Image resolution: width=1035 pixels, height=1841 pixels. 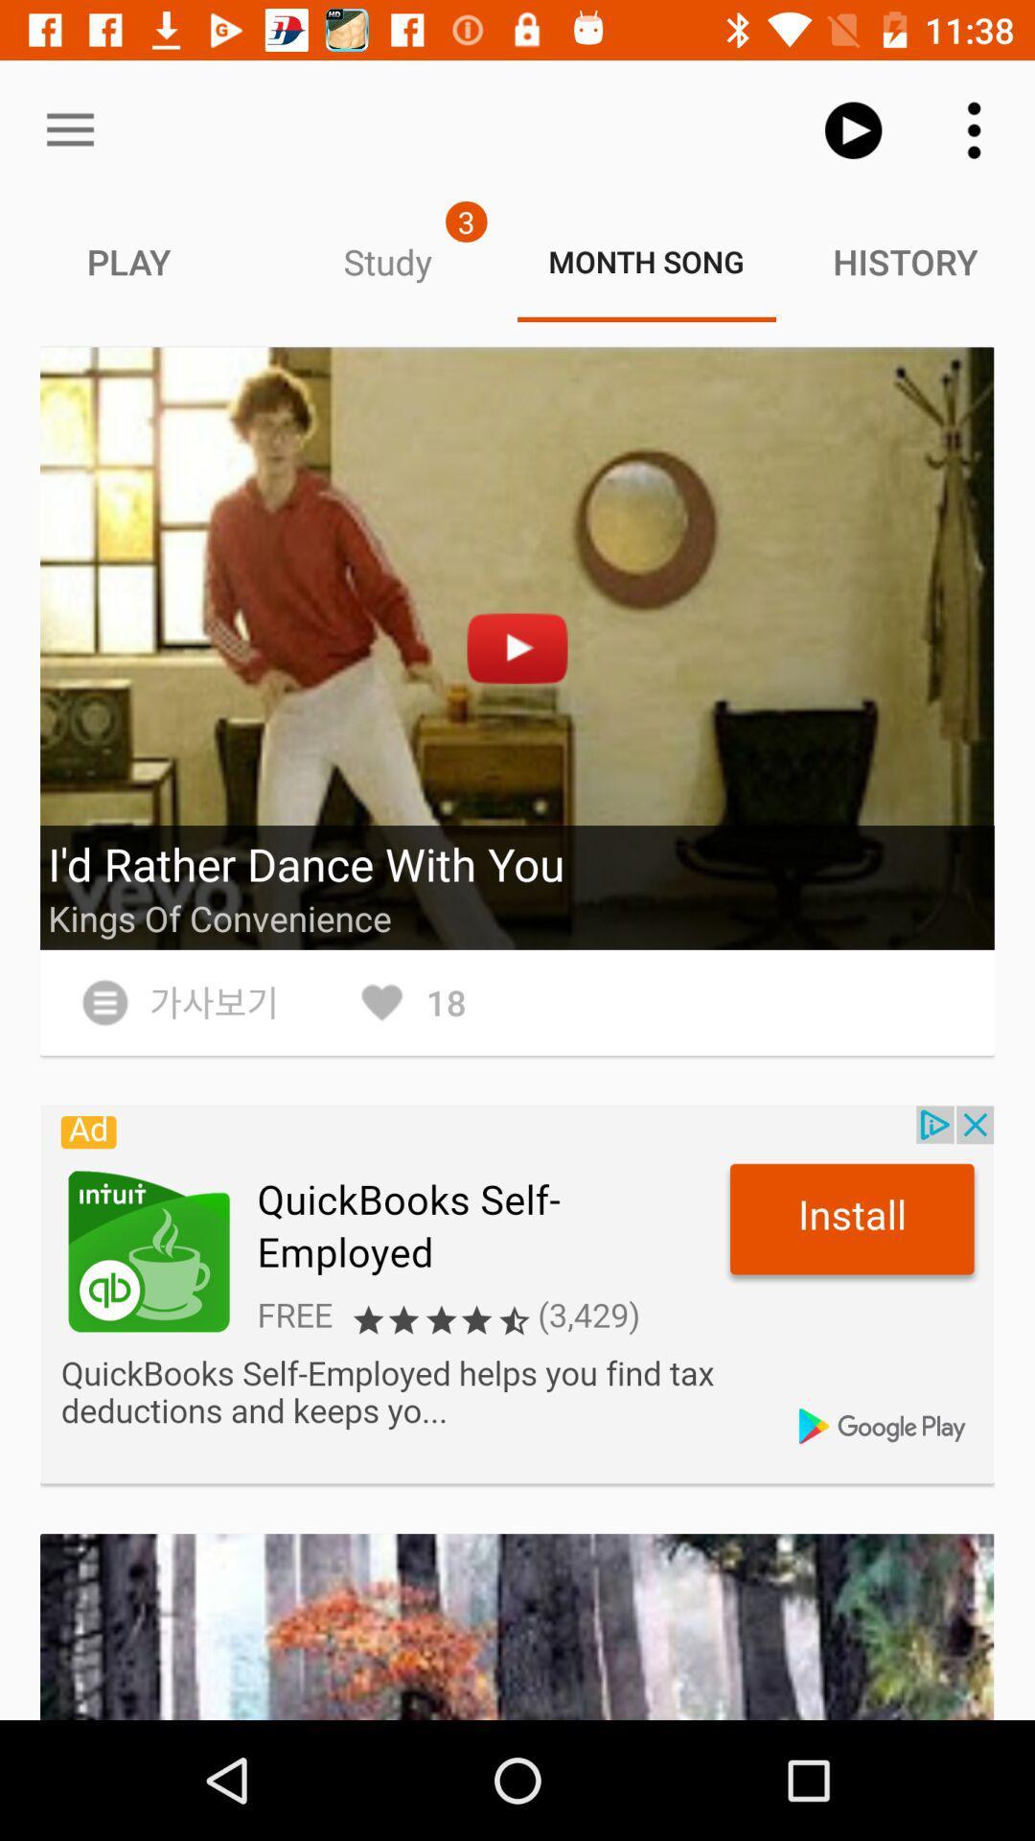 What do you see at coordinates (517, 648) in the screenshot?
I see `the video` at bounding box center [517, 648].